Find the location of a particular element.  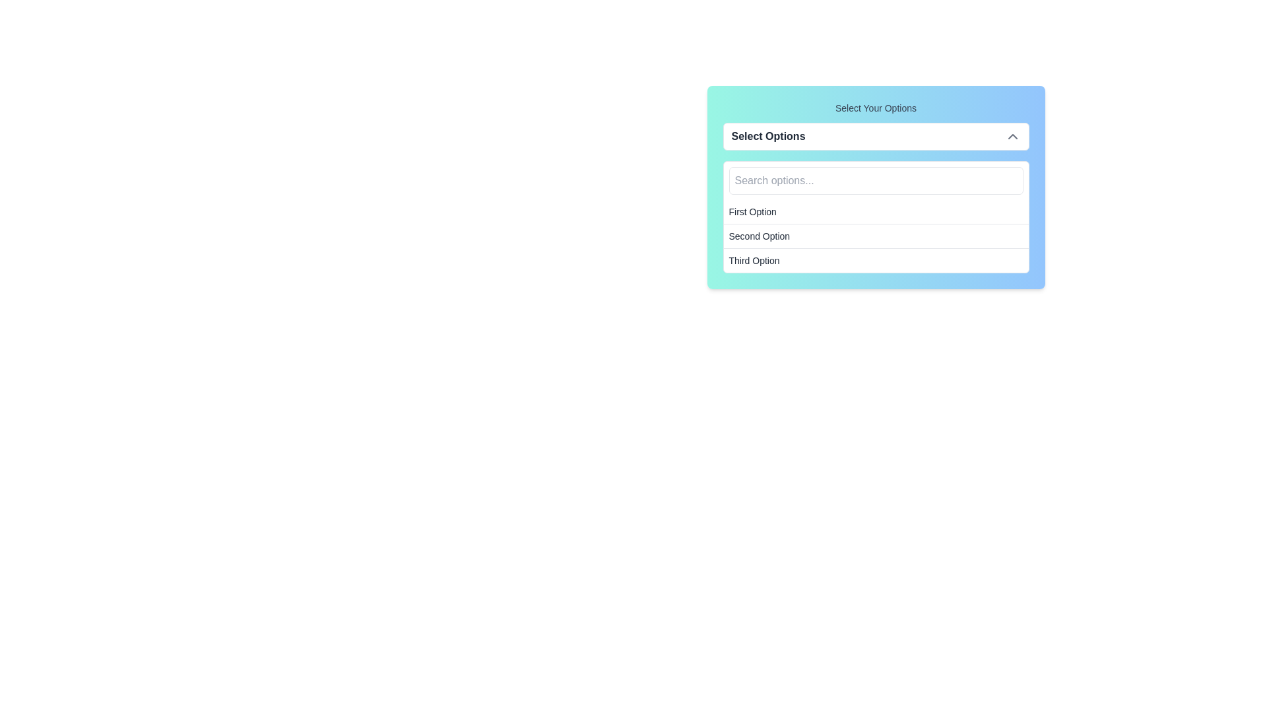

the upward arrow toggle button located at the rightmost position of the 'Select Options' dropdown menu is located at coordinates (1012, 137).